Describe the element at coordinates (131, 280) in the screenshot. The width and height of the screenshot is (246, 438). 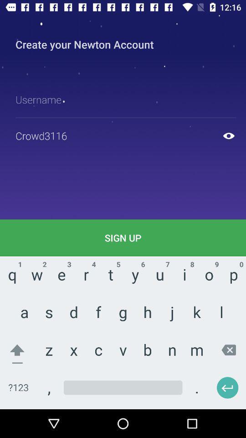
I see `the star icon` at that location.